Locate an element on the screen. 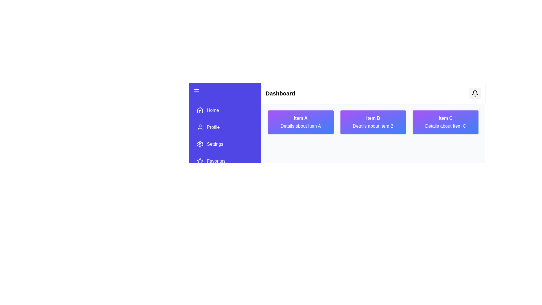 The height and width of the screenshot is (305, 542). the text label that provides supplementary information about 'Item B', located below the 'Item B' text in the second card of a row of three cards is located at coordinates (373, 126).